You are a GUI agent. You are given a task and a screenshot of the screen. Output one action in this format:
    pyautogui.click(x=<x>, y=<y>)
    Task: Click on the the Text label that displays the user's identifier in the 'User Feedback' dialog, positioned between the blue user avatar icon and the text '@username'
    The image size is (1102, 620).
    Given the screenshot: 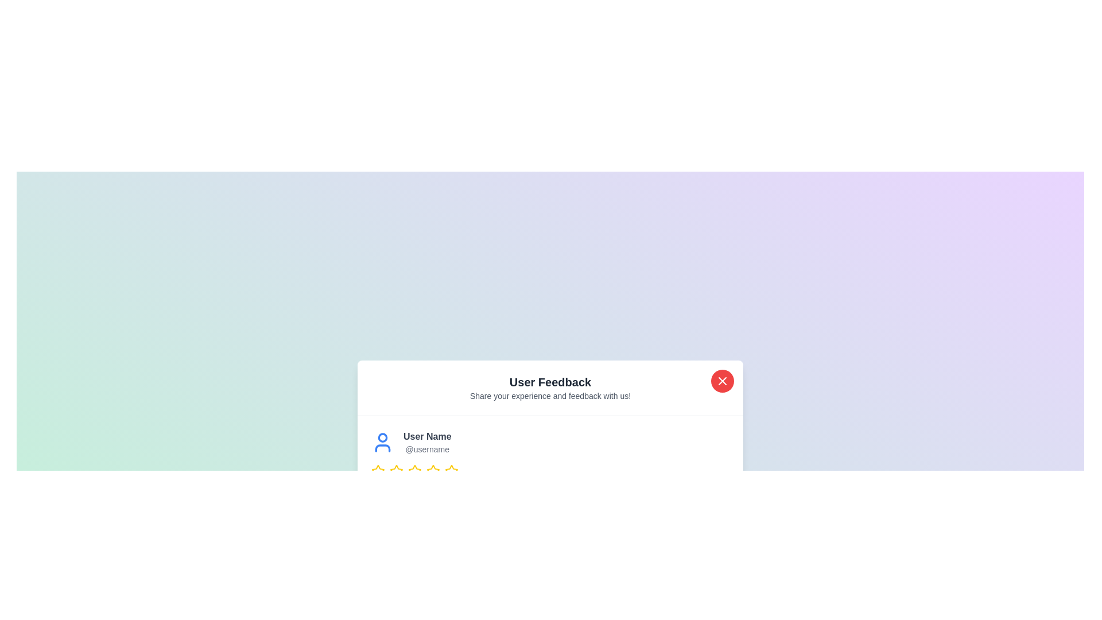 What is the action you would take?
    pyautogui.click(x=426, y=436)
    